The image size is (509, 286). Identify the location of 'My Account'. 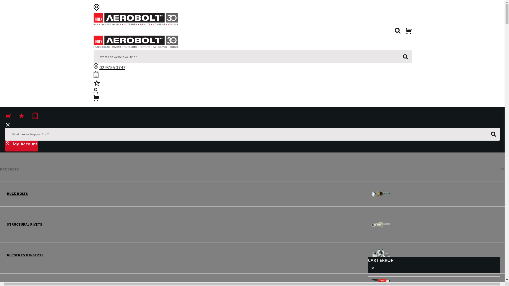
(5, 144).